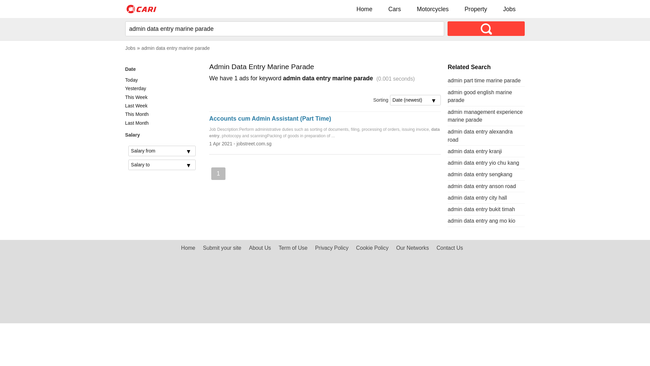 The width and height of the screenshot is (650, 366). What do you see at coordinates (450, 248) in the screenshot?
I see `'Contact Us'` at bounding box center [450, 248].